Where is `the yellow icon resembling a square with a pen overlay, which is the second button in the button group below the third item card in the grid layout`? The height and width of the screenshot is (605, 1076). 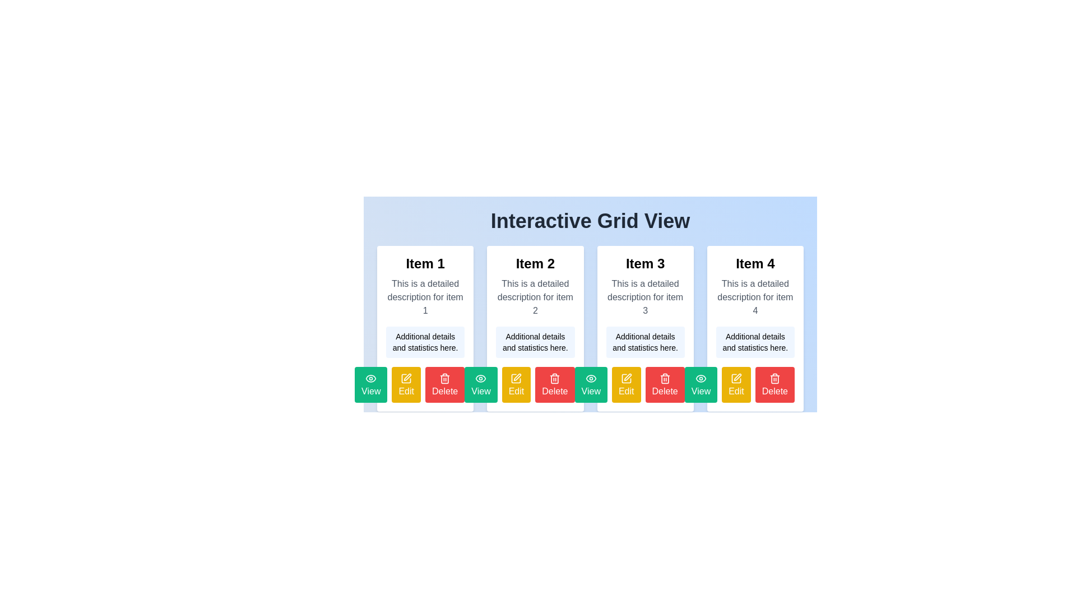 the yellow icon resembling a square with a pen overlay, which is the second button in the button group below the third item card in the grid layout is located at coordinates (625, 378).